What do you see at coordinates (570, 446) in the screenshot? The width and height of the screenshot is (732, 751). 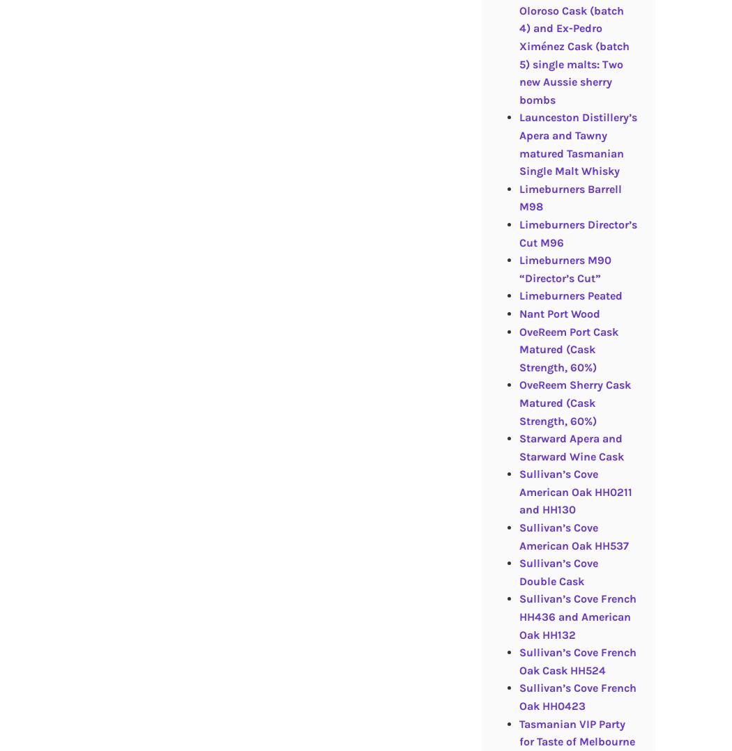 I see `'Starward Apera and Starward Wine Cask'` at bounding box center [570, 446].